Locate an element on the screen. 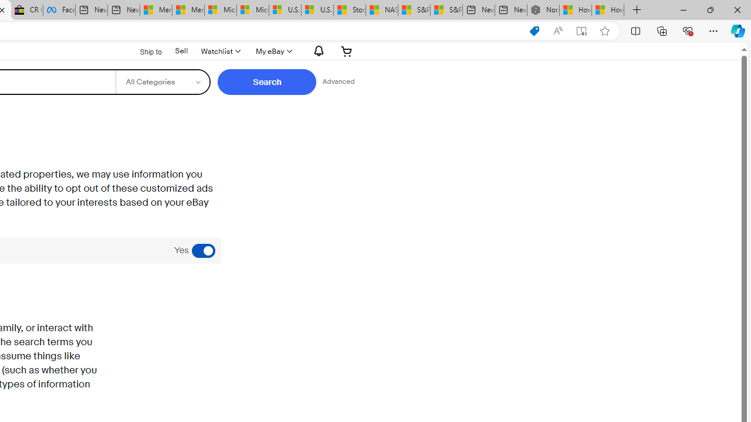 This screenshot has height=422, width=751. 'Select a category for search' is located at coordinates (162, 81).